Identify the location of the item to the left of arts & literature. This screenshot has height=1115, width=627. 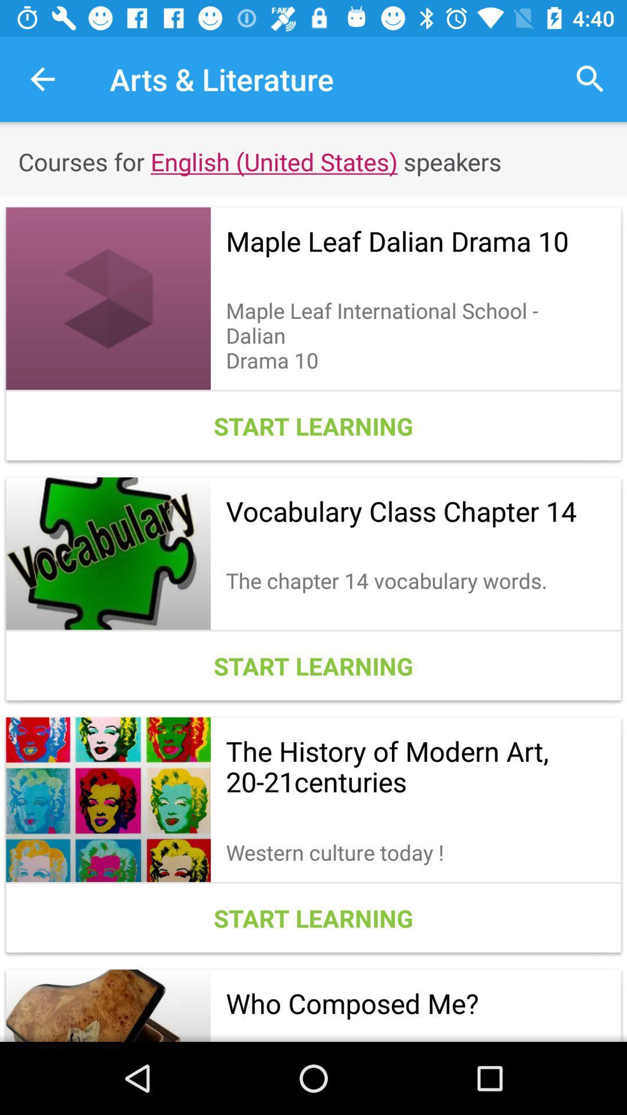
(42, 78).